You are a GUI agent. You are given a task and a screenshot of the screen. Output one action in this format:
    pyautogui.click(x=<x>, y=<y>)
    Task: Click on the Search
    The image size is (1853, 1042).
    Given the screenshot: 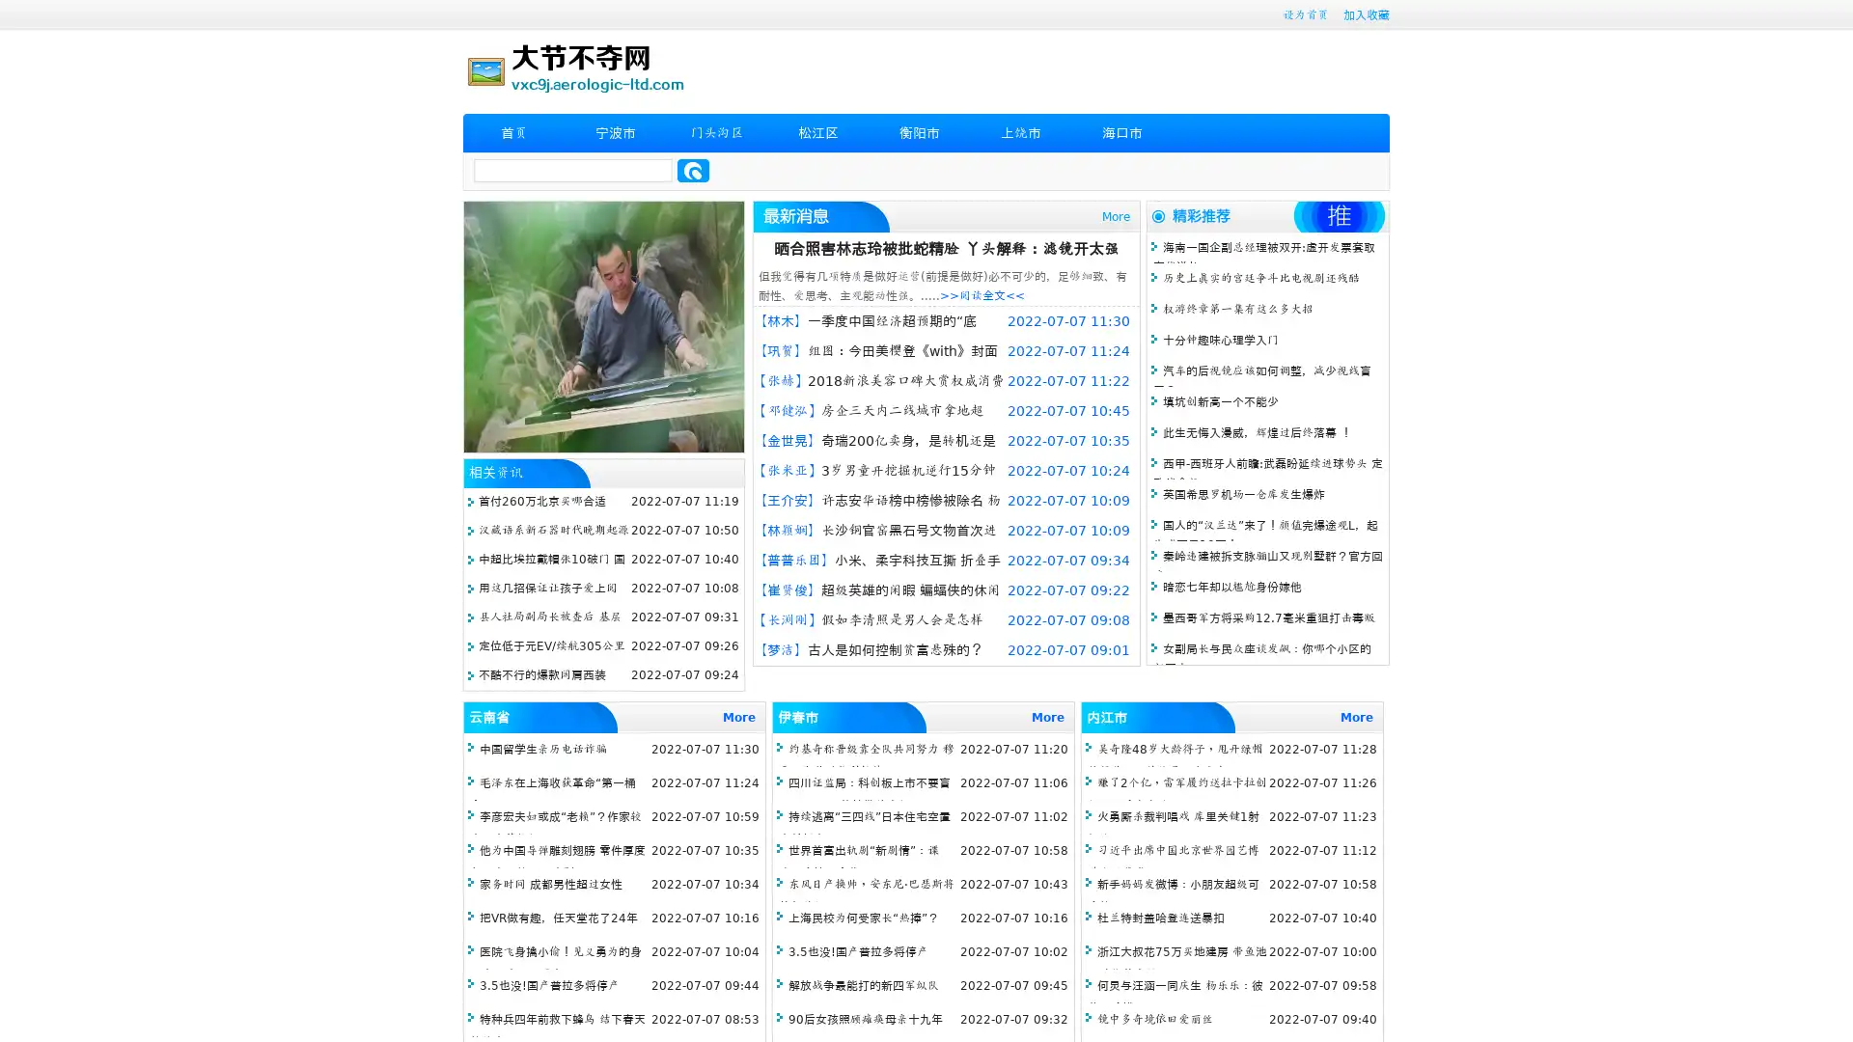 What is the action you would take?
    pyautogui.click(x=693, y=170)
    